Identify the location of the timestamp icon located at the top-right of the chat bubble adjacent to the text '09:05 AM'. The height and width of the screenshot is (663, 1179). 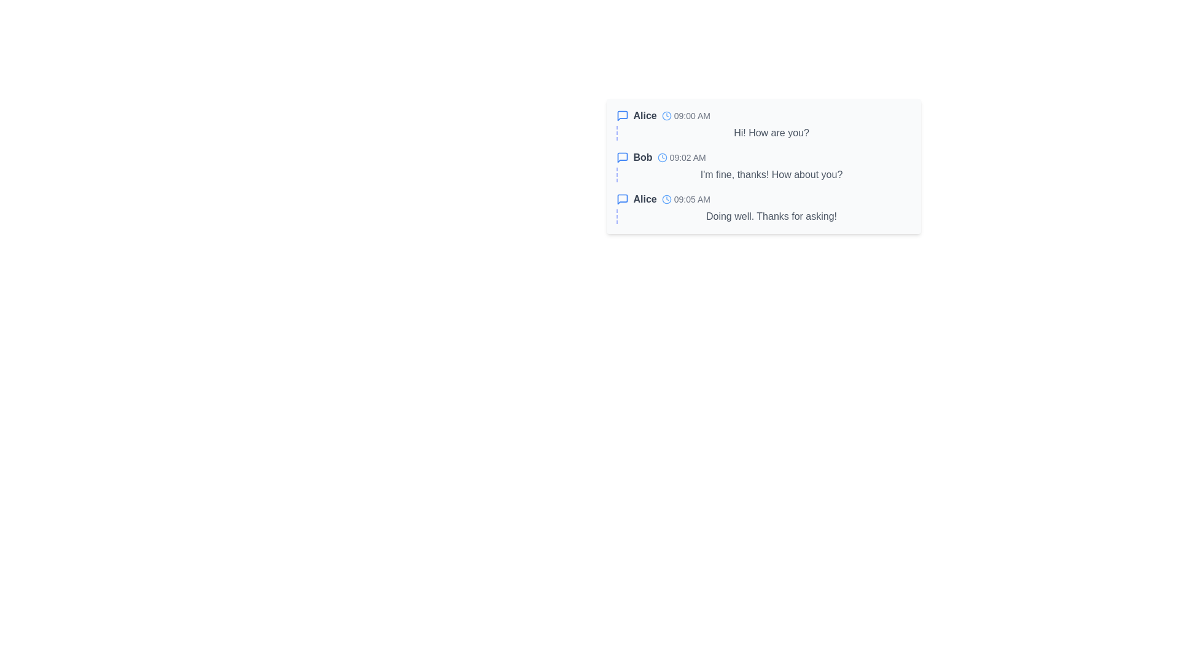
(666, 198).